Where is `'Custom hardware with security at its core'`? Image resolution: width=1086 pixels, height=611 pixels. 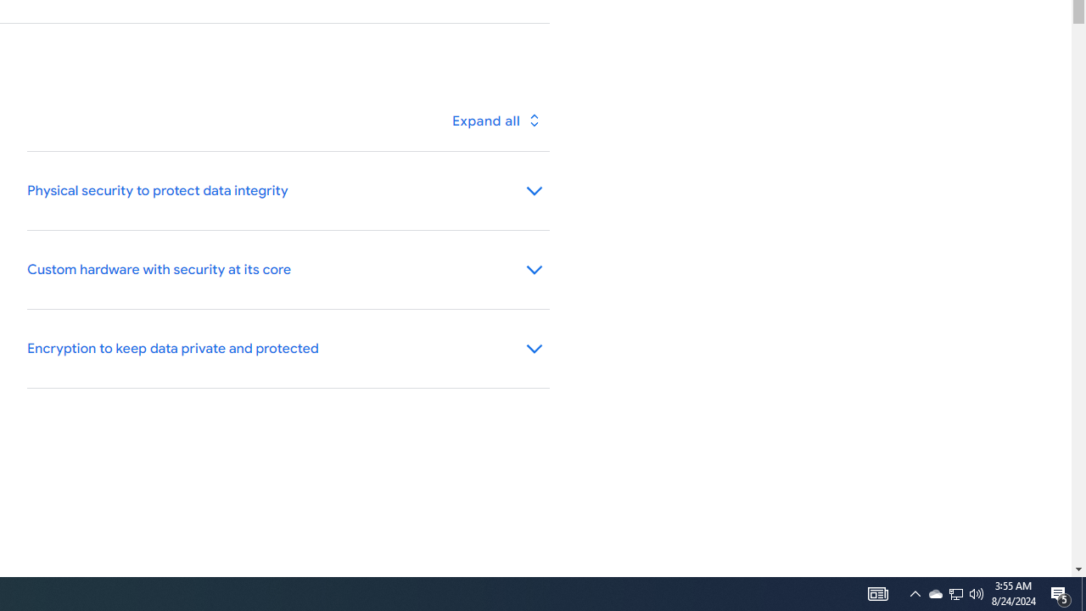 'Custom hardware with security at its core' is located at coordinates (288, 269).